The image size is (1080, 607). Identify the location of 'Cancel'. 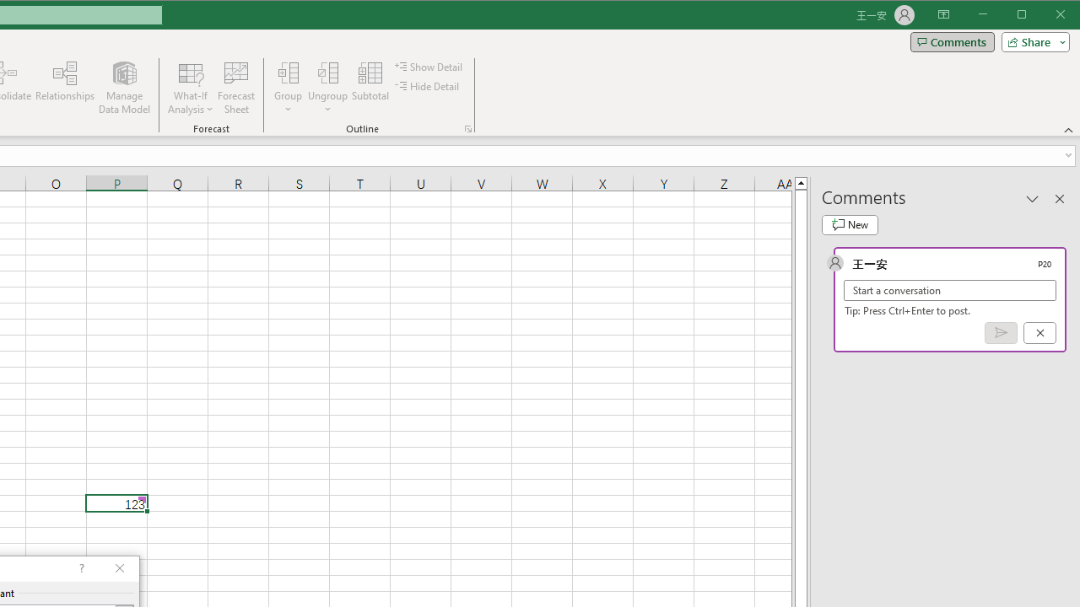
(1039, 333).